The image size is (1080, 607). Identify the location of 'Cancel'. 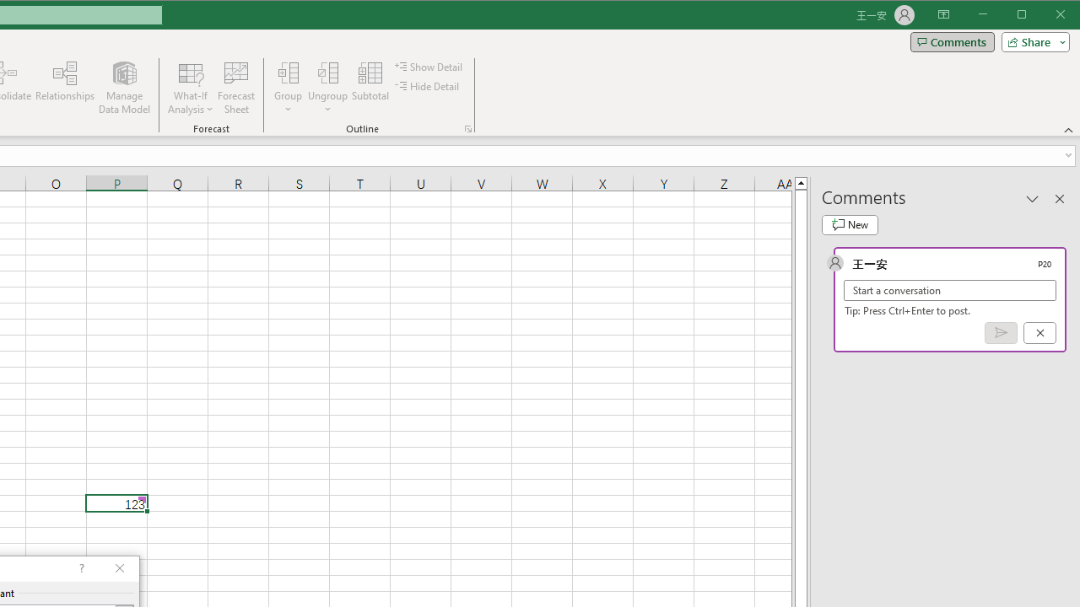
(1039, 333).